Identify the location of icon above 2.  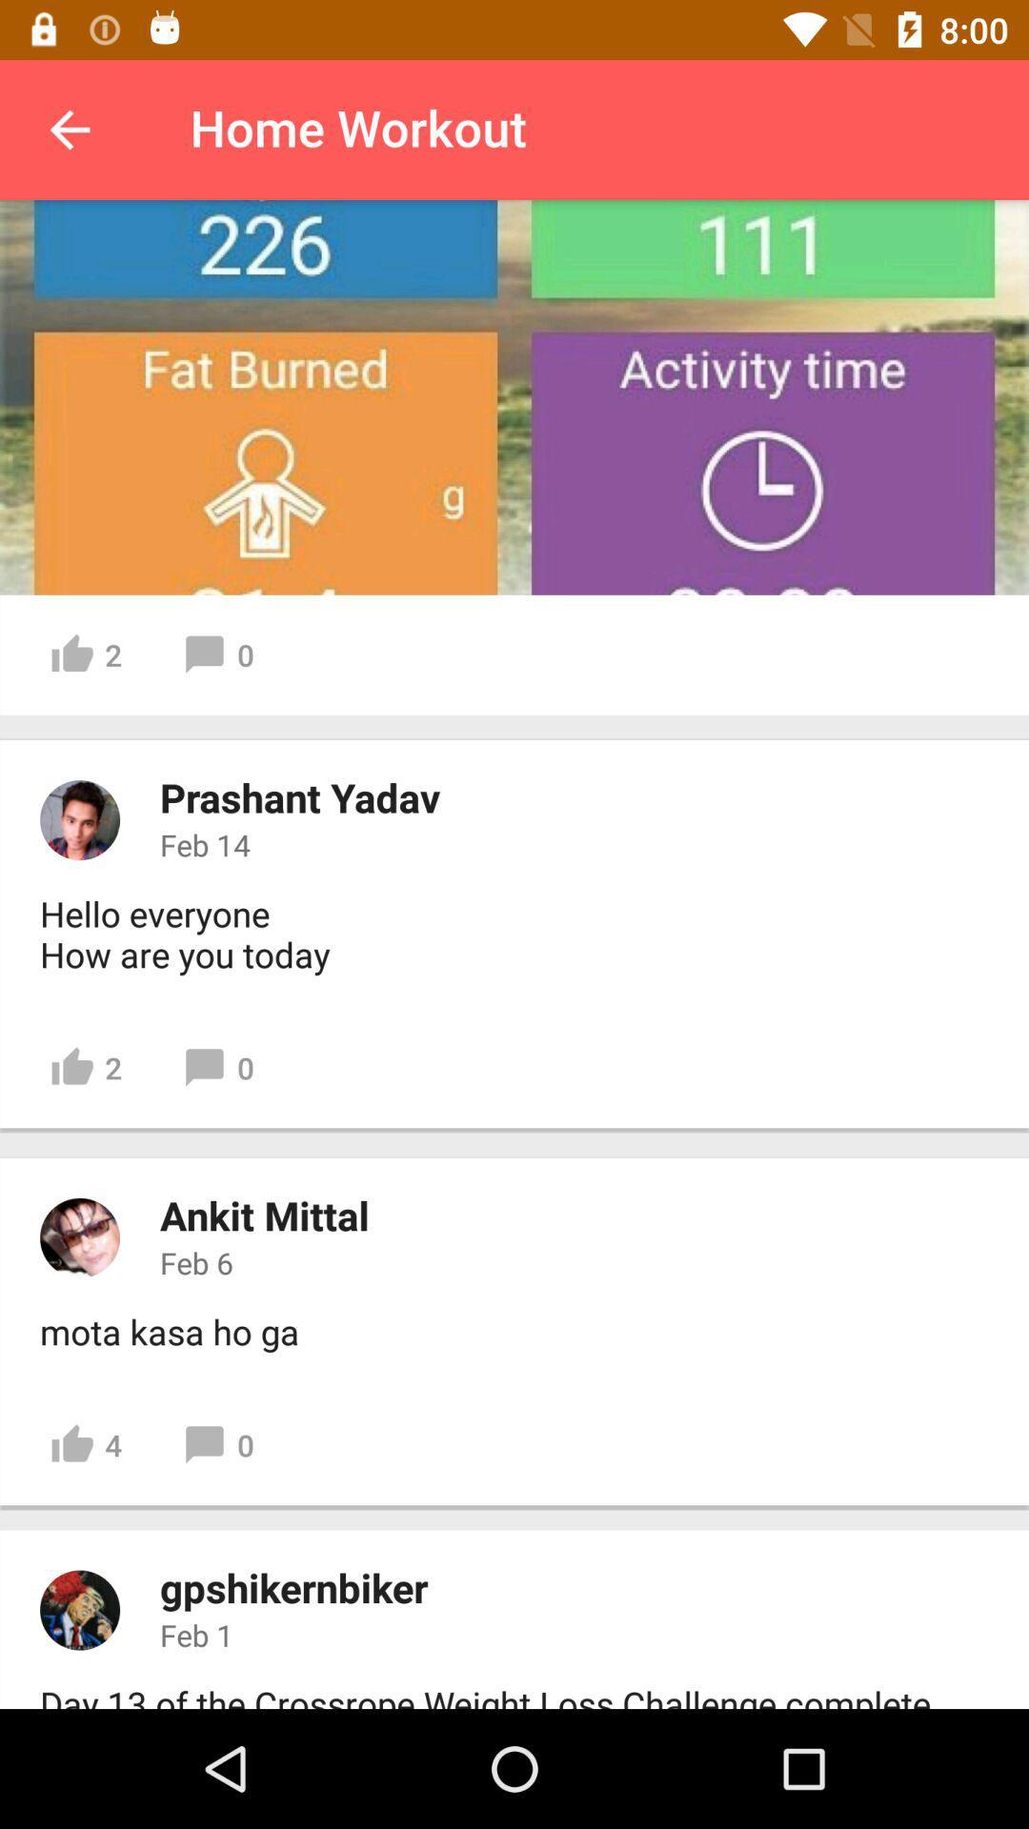
(185, 934).